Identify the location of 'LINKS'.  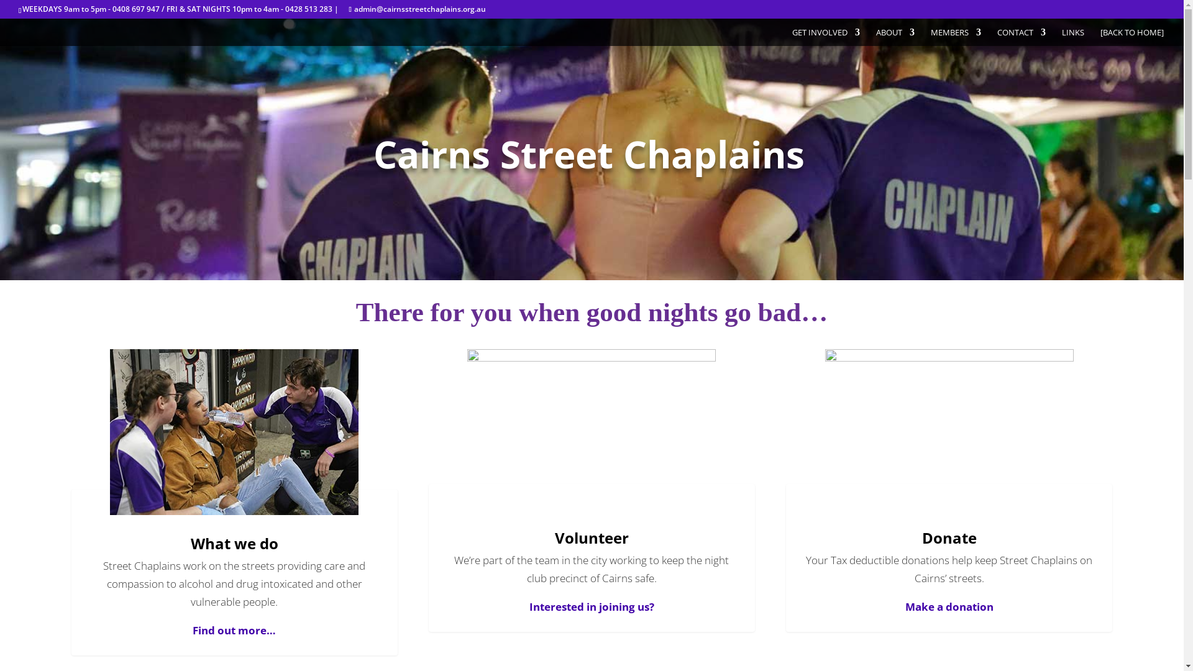
(1072, 36).